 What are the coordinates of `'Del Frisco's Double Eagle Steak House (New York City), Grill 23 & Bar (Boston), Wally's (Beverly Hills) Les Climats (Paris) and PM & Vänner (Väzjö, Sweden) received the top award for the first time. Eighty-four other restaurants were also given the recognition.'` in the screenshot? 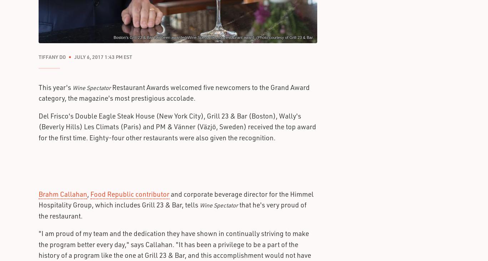 It's located at (177, 126).